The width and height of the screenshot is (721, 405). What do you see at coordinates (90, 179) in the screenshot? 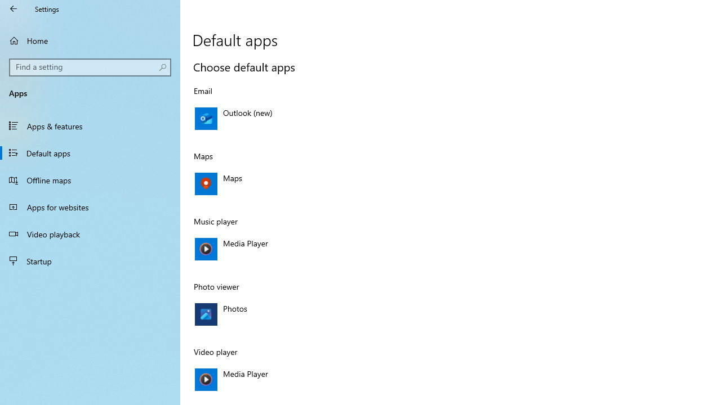
I see `'Offline maps'` at bounding box center [90, 179].